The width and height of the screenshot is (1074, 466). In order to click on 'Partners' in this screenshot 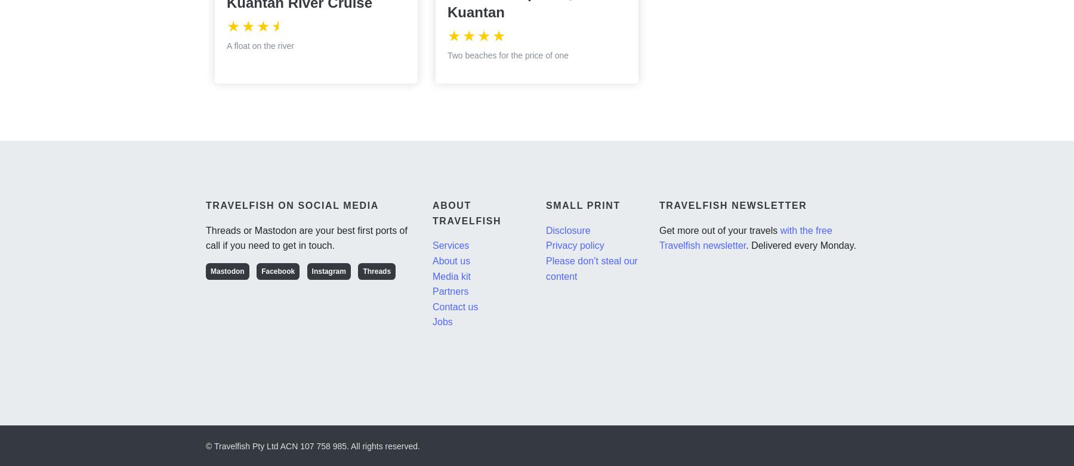, I will do `click(431, 291)`.